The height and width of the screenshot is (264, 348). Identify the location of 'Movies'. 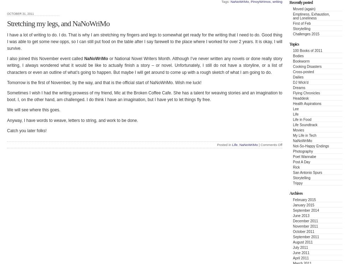
(293, 130).